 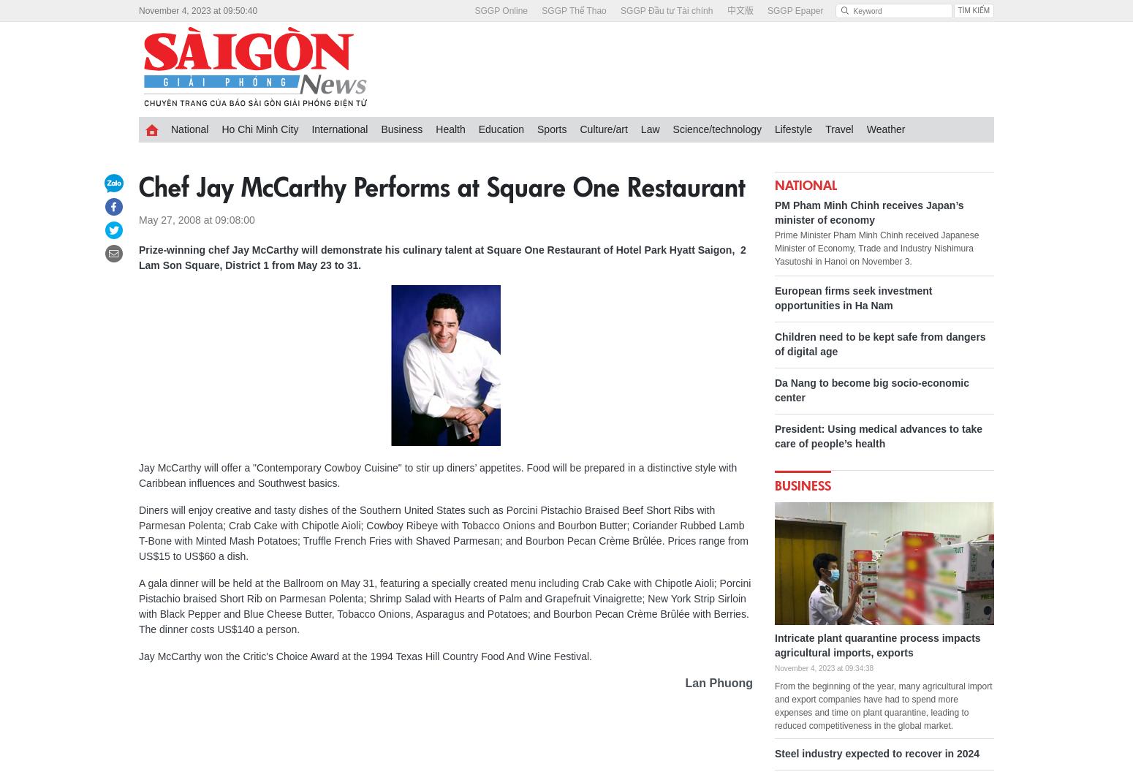 What do you see at coordinates (775, 298) in the screenshot?
I see `'European firms seek investment opportunities in Ha Nam'` at bounding box center [775, 298].